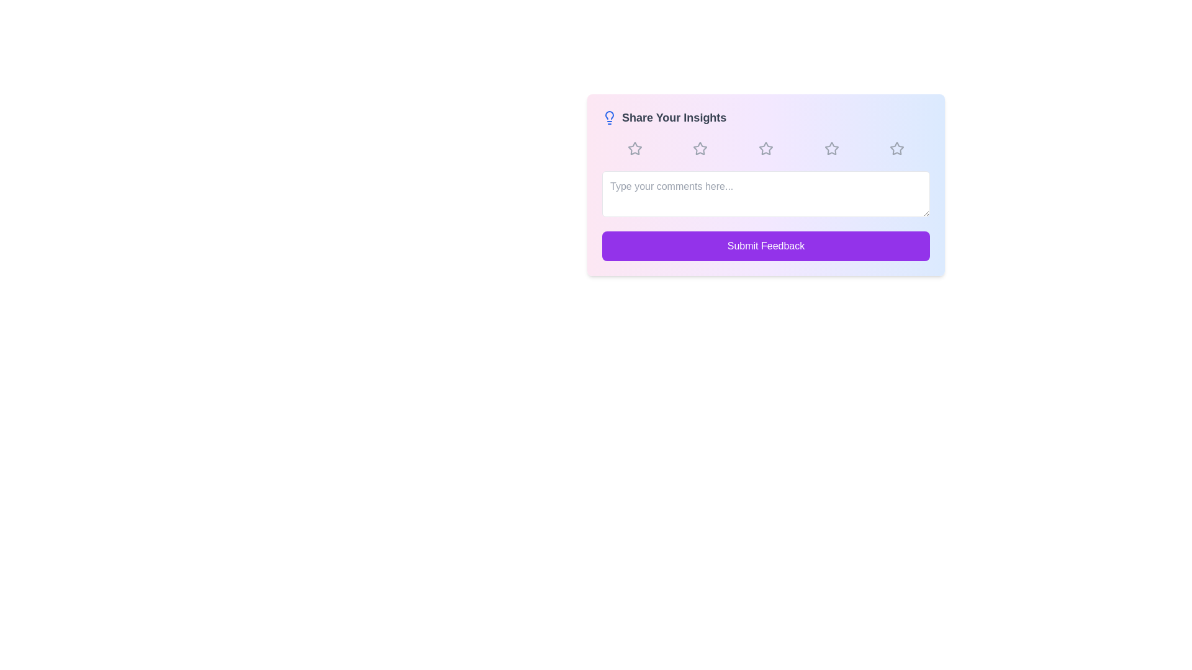 This screenshot has height=670, width=1192. I want to click on the star corresponding to 2 stars to preview the rating, so click(700, 148).